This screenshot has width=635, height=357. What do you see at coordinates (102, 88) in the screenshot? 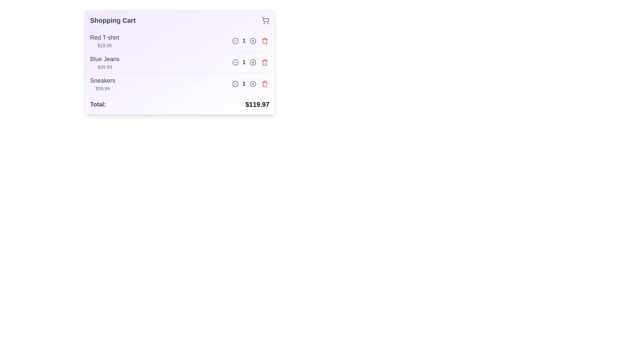
I see `the text label displaying the price '$59.99', which is located below the 'Sneakers' label in the shopping cart item list` at bounding box center [102, 88].